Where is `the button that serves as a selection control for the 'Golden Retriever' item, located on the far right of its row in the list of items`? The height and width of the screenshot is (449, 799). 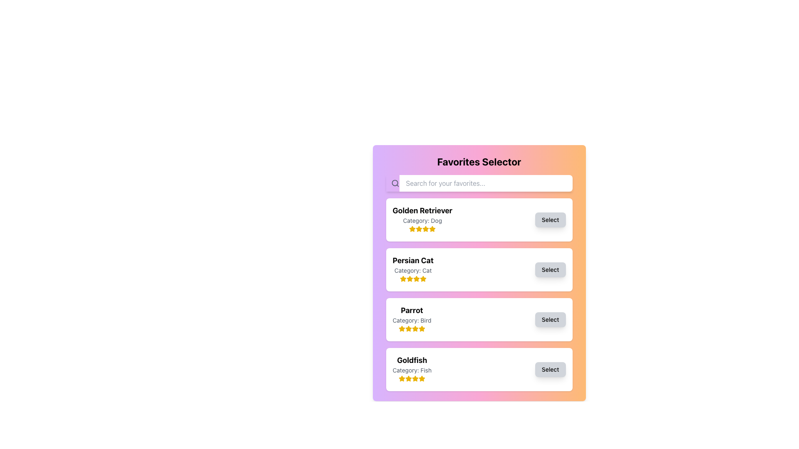 the button that serves as a selection control for the 'Golden Retriever' item, located on the far right of its row in the list of items is located at coordinates (550, 219).